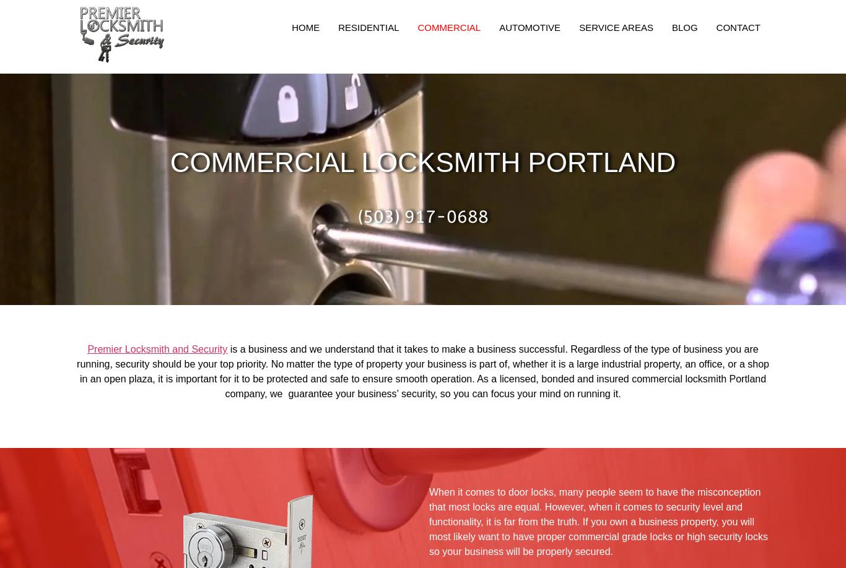 The width and height of the screenshot is (846, 568). Describe the element at coordinates (529, 27) in the screenshot. I see `'Automotive'` at that location.